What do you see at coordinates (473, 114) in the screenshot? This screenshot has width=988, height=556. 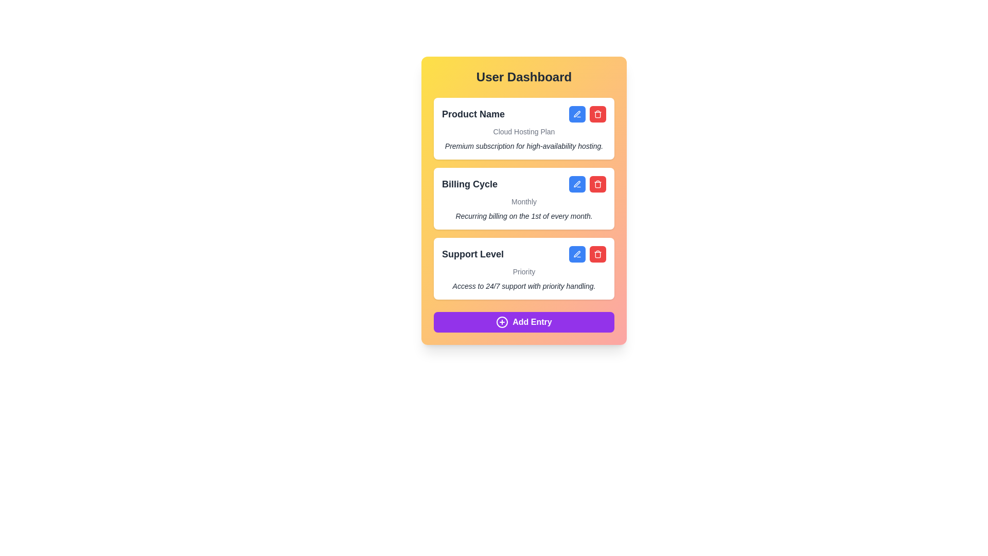 I see `the bold, large text label displaying 'Product Name', located at the top left corner of the card section` at bounding box center [473, 114].